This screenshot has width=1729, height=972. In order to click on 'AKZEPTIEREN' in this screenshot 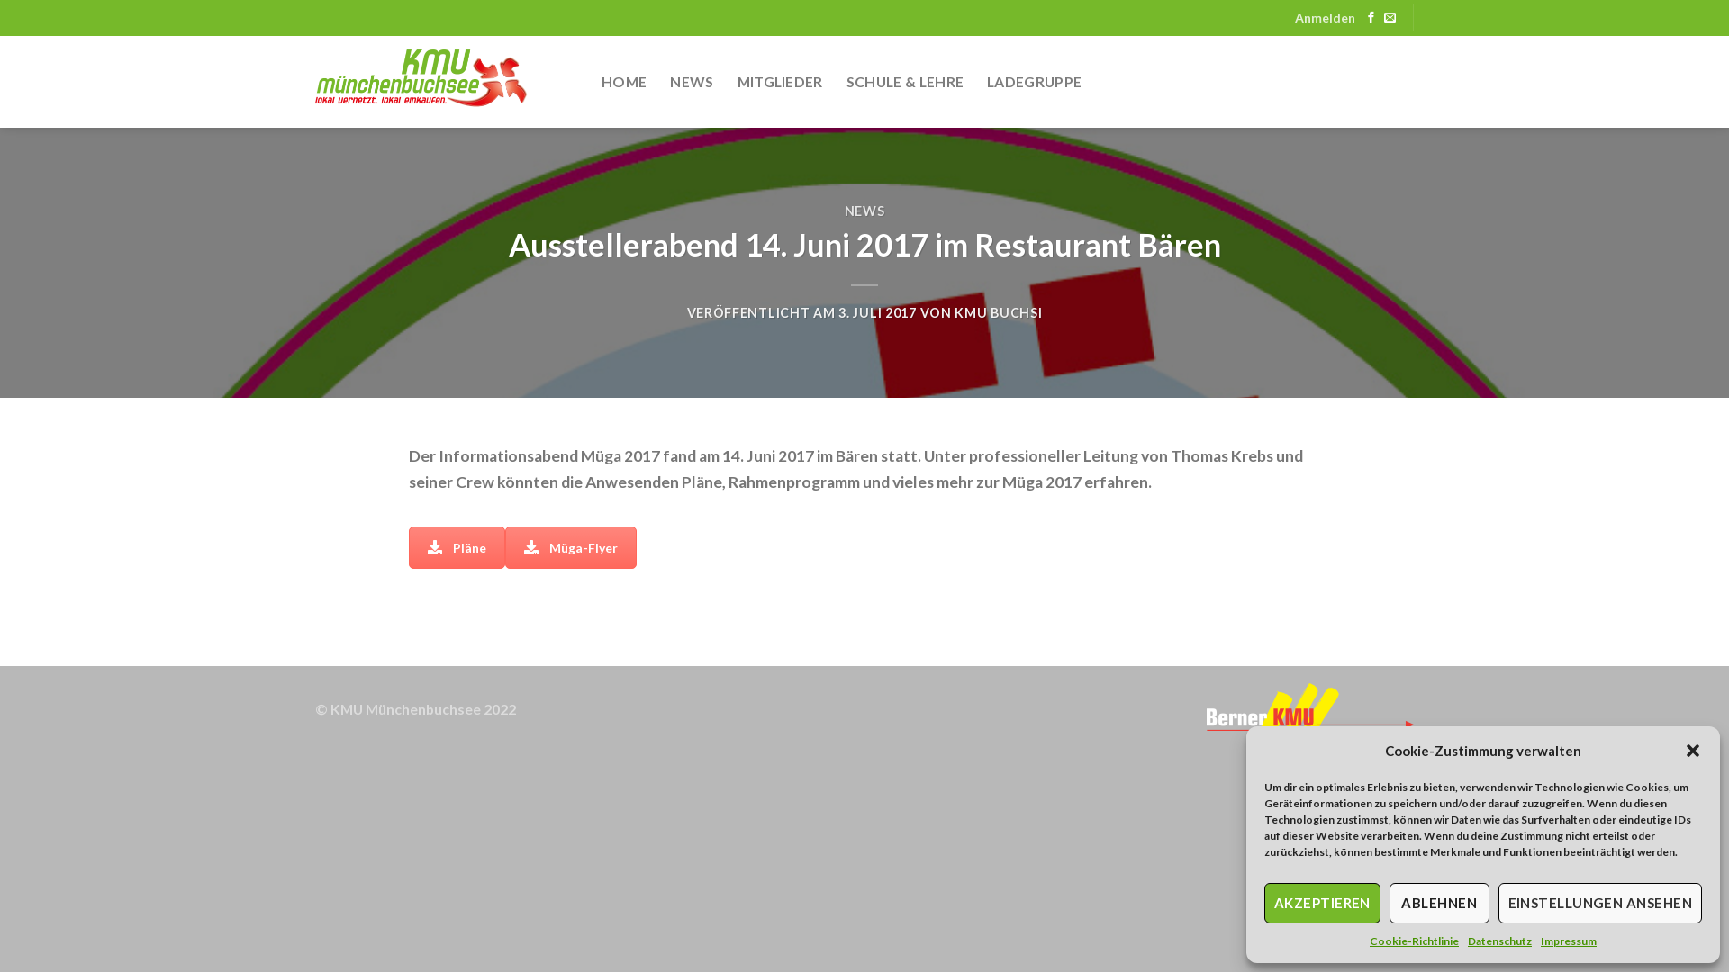, I will do `click(1322, 903)`.